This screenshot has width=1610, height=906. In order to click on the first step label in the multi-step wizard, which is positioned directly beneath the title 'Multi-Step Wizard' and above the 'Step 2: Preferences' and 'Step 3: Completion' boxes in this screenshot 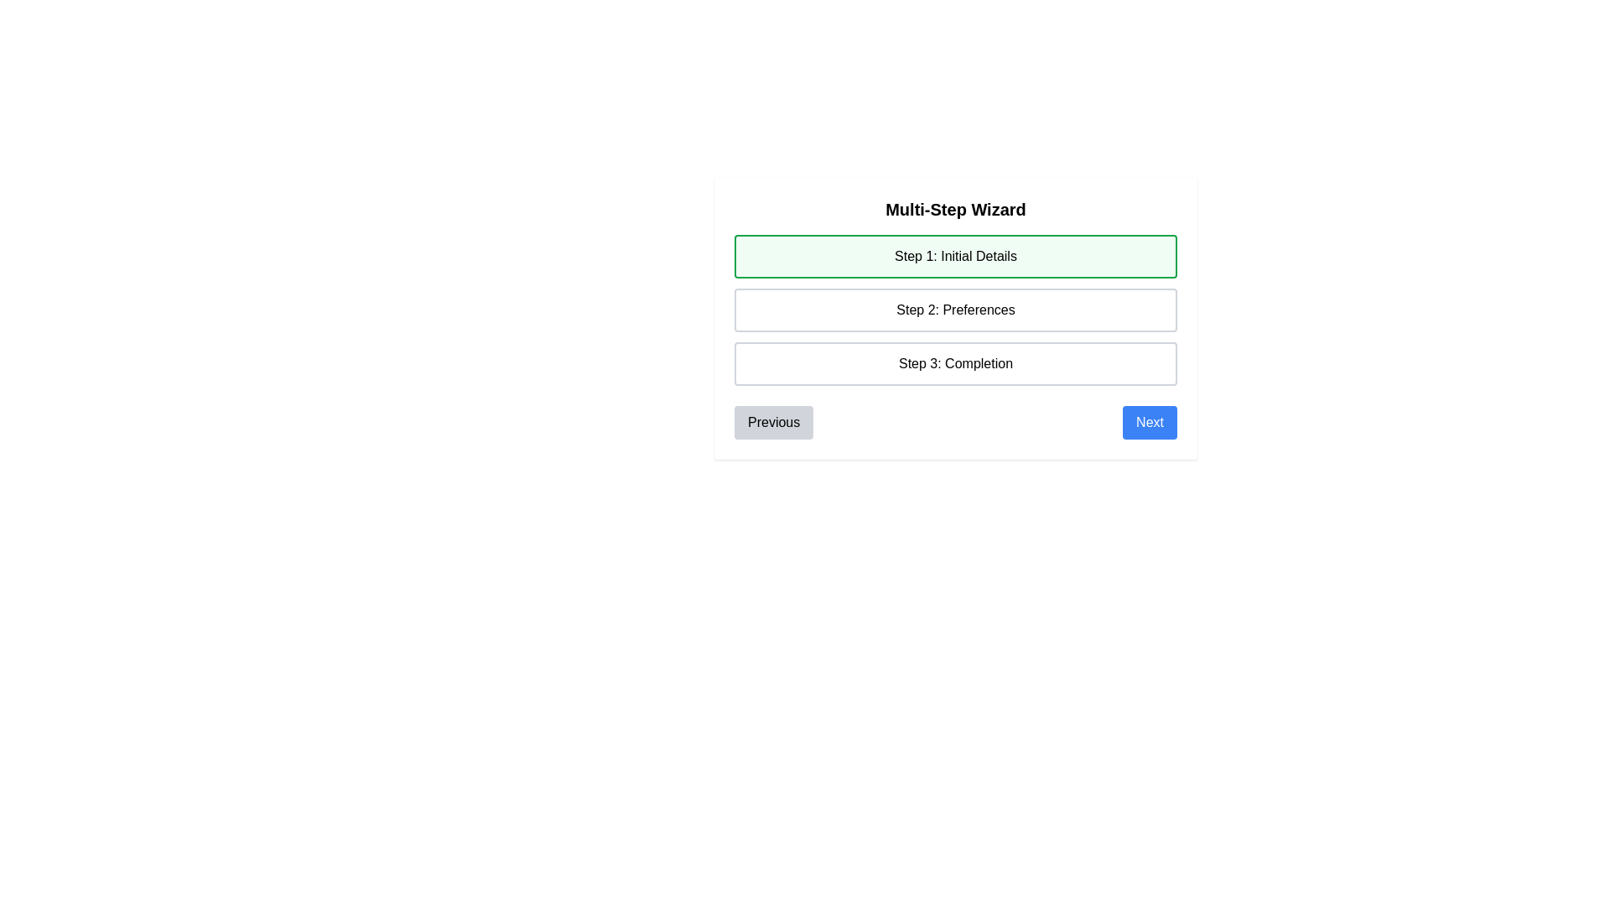, I will do `click(956, 256)`.